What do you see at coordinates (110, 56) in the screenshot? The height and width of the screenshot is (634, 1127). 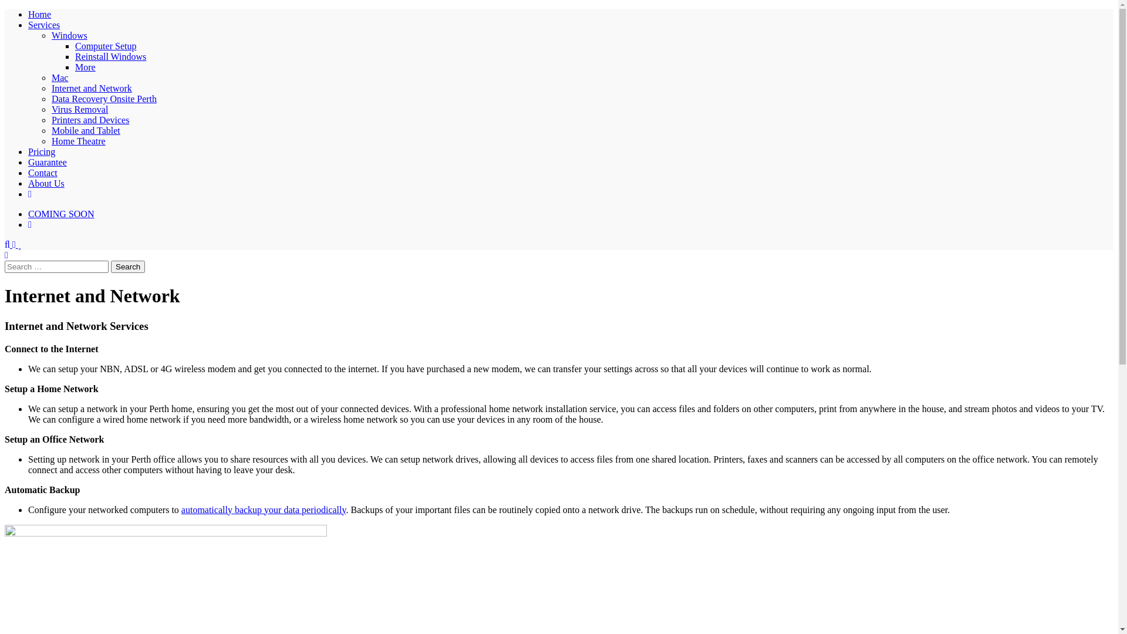 I see `'Reinstall Windows'` at bounding box center [110, 56].